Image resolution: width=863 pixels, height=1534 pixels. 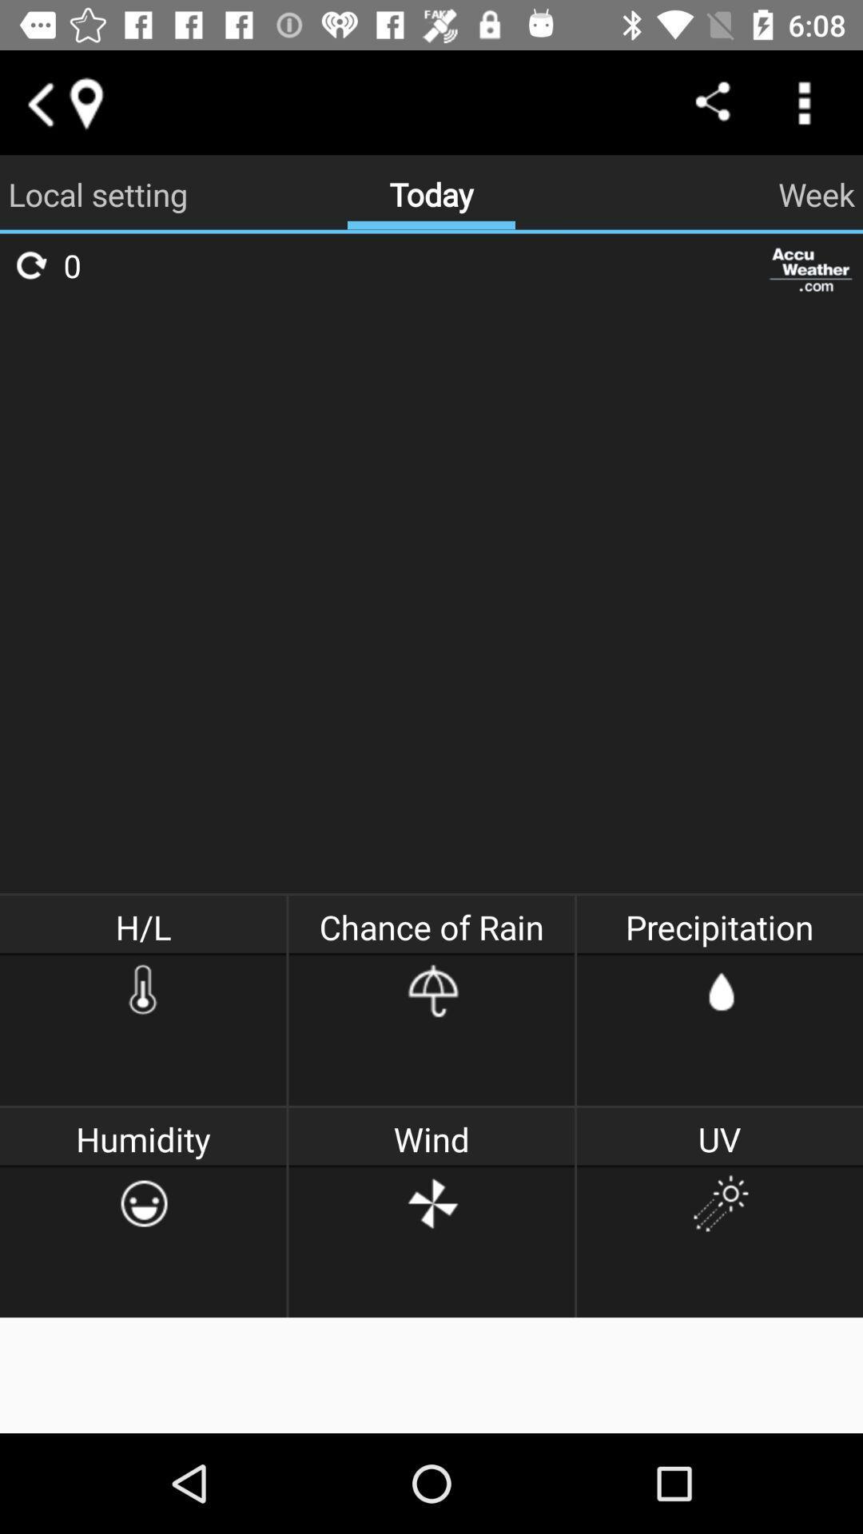 What do you see at coordinates (38, 101) in the screenshot?
I see `back button` at bounding box center [38, 101].